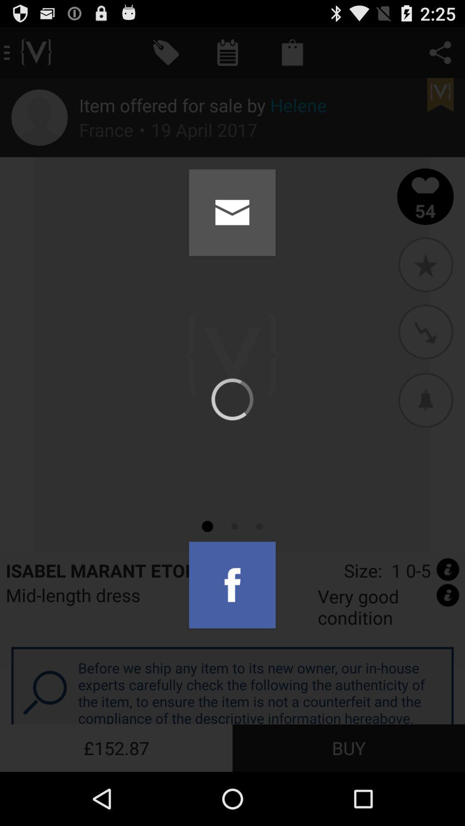 The height and width of the screenshot is (826, 465). What do you see at coordinates (425, 428) in the screenshot?
I see `the avatar icon` at bounding box center [425, 428].